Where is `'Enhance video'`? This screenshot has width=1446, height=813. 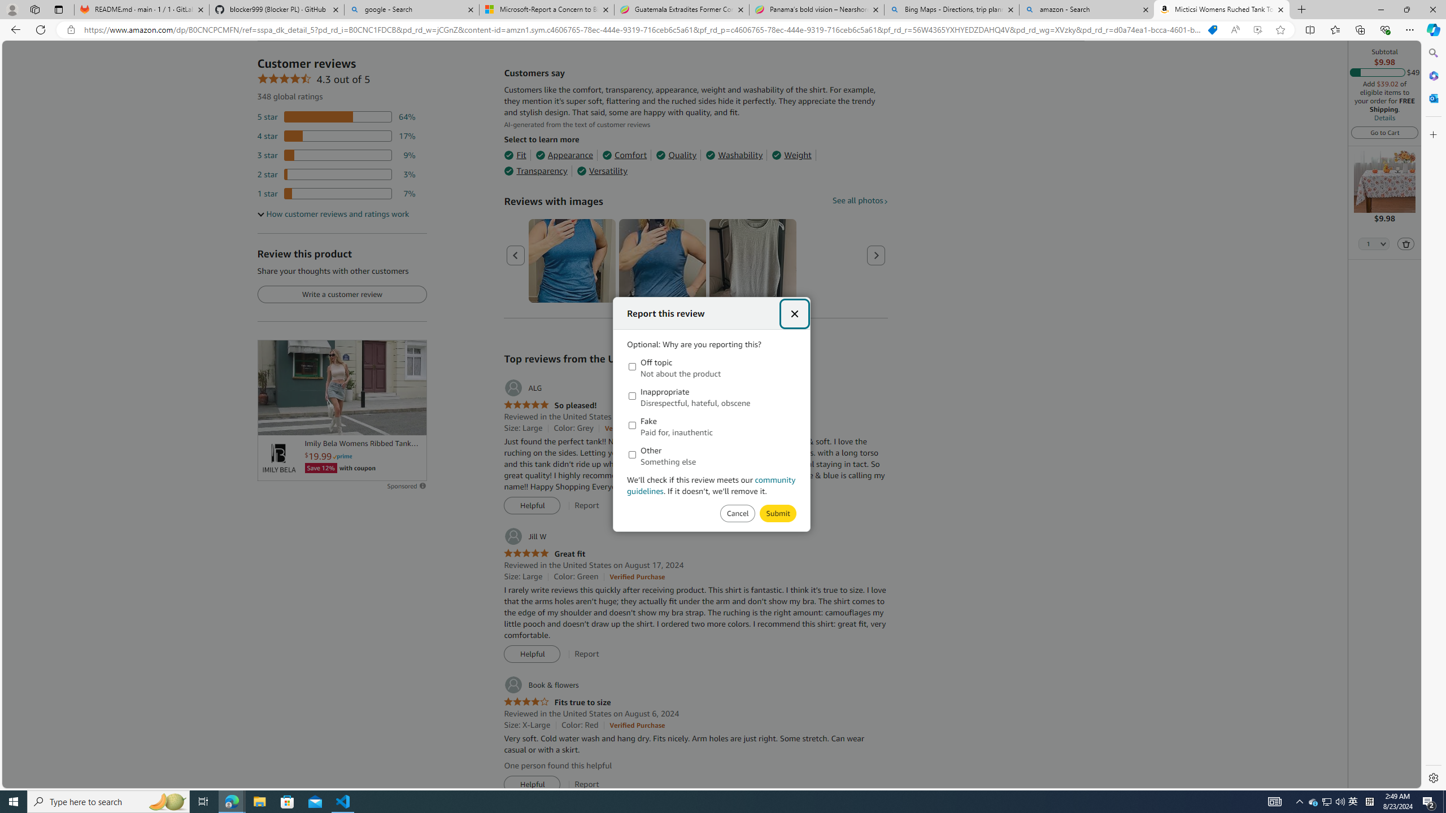
'Enhance video' is located at coordinates (1257, 30).